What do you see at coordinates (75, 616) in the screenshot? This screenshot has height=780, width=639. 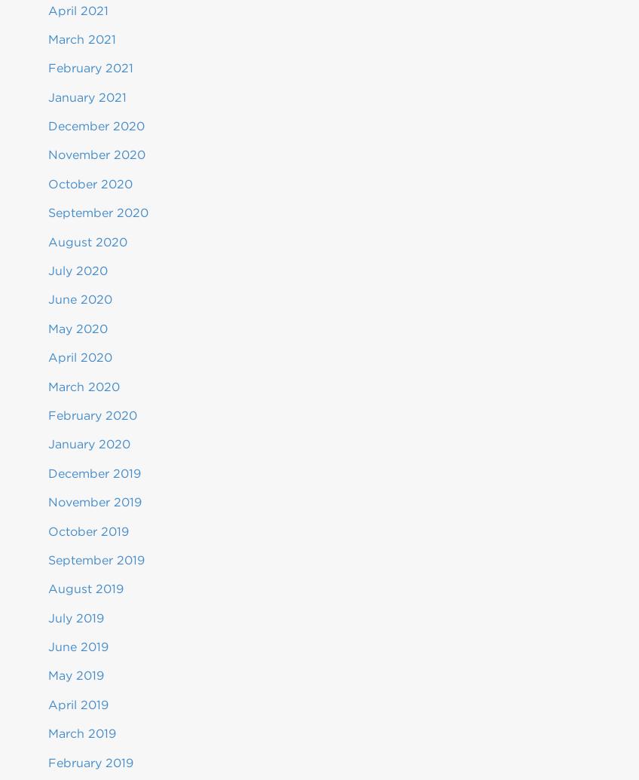 I see `'July 2019'` at bounding box center [75, 616].